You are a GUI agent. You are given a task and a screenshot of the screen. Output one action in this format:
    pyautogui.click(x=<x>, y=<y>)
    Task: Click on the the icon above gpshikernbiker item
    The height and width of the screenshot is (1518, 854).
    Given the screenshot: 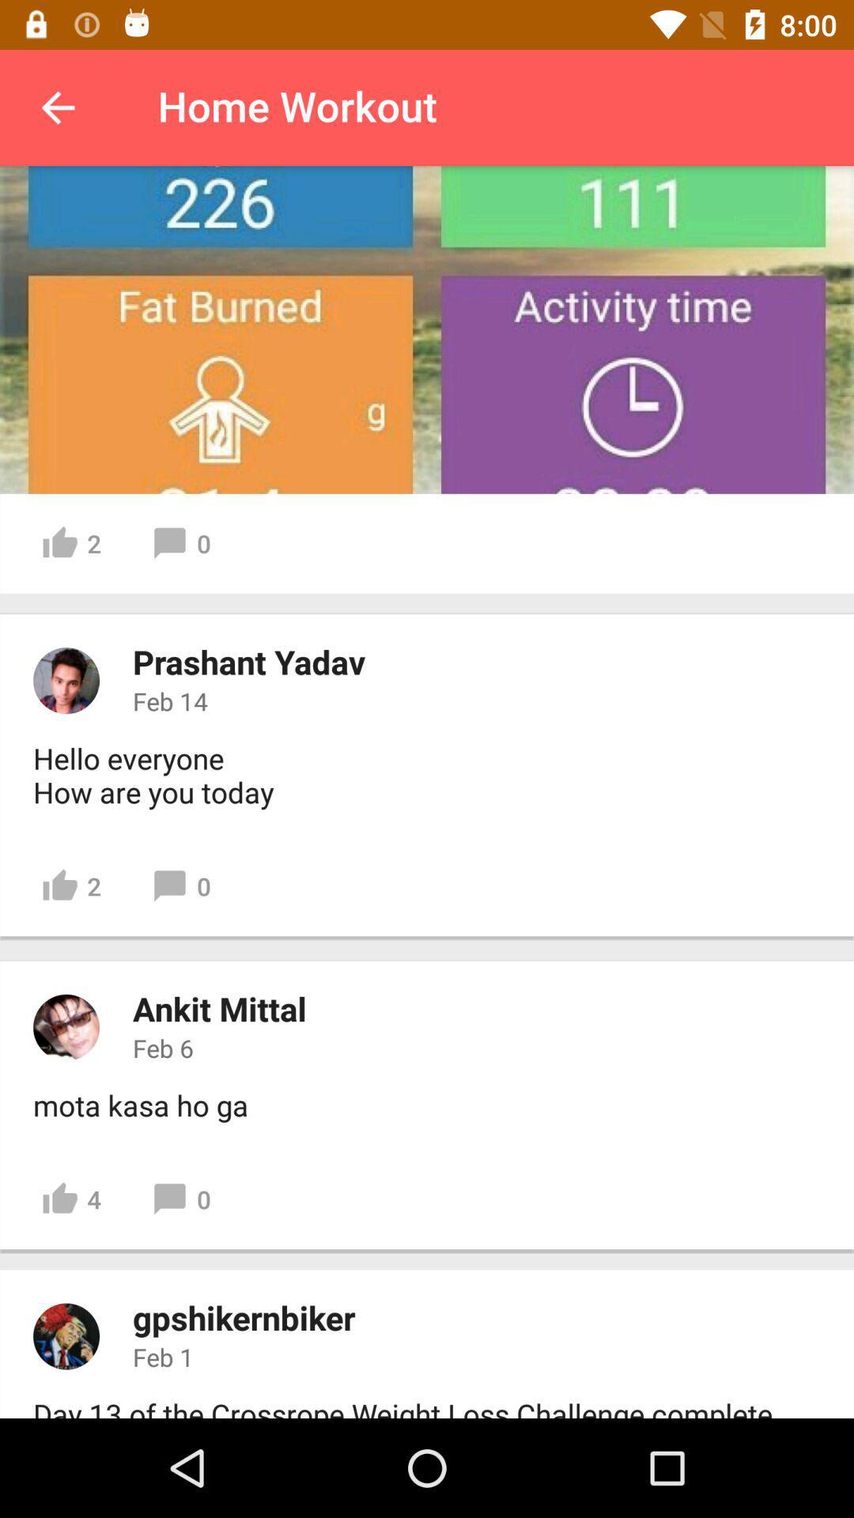 What is the action you would take?
    pyautogui.click(x=71, y=1199)
    